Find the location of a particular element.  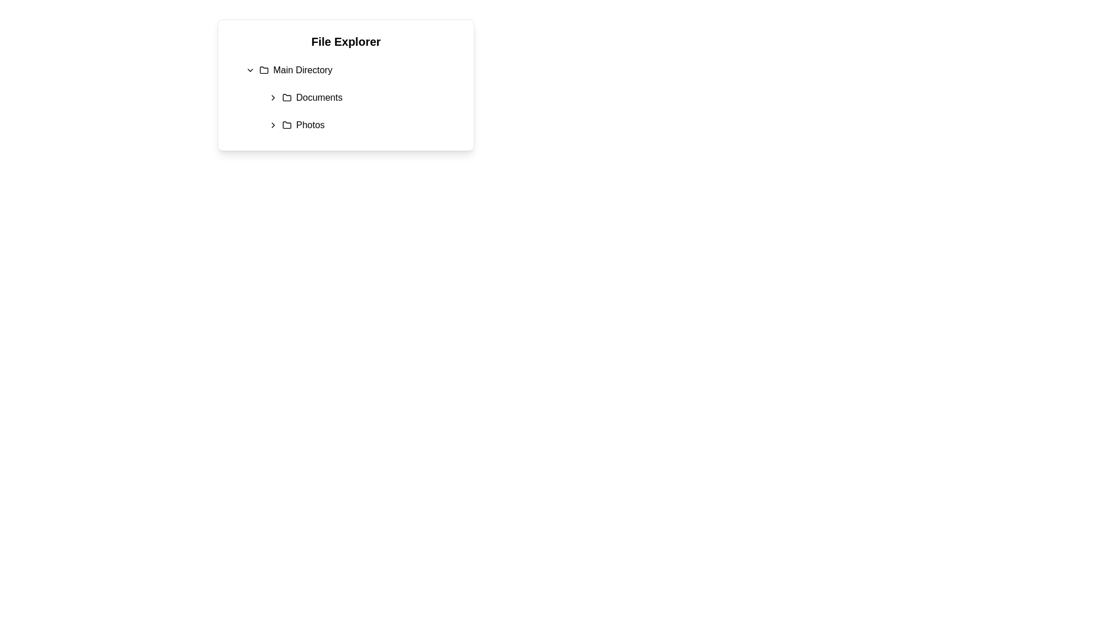

the folder icon representing the 'Main Directory' is located at coordinates (263, 70).